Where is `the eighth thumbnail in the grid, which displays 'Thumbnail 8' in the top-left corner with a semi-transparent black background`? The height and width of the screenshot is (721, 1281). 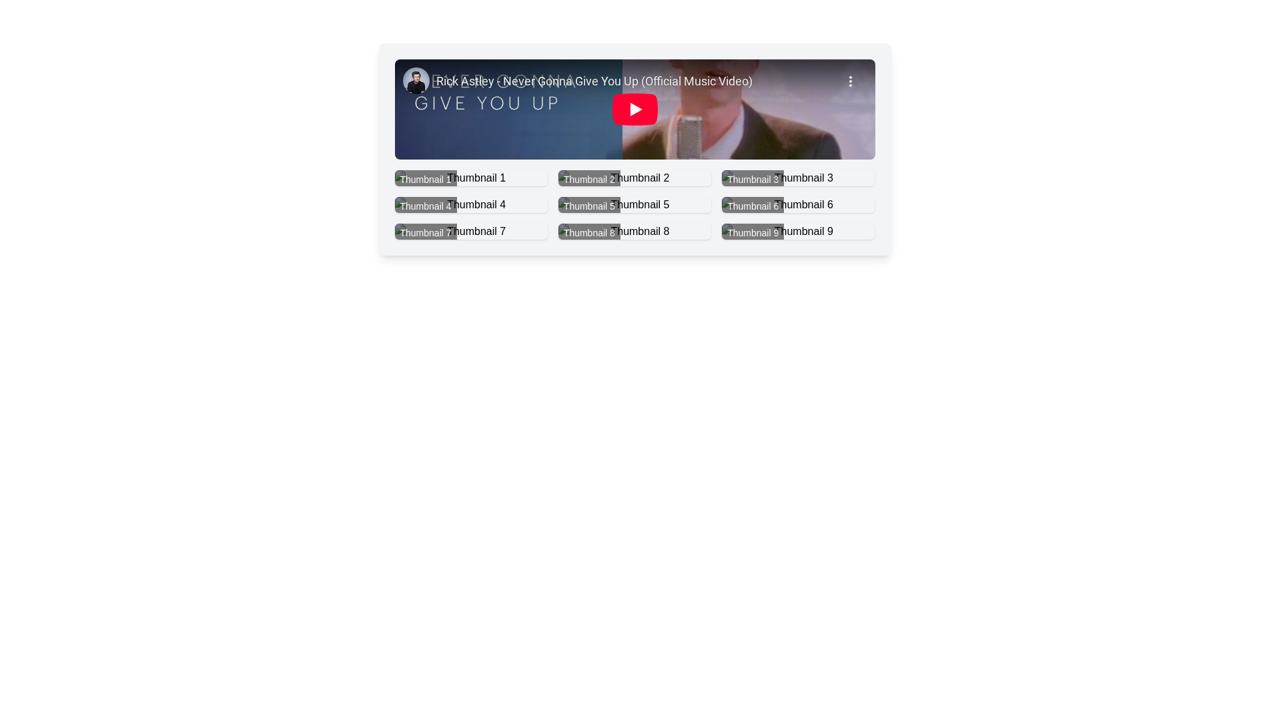 the eighth thumbnail in the grid, which displays 'Thumbnail 8' in the top-left corner with a semi-transparent black background is located at coordinates (634, 231).